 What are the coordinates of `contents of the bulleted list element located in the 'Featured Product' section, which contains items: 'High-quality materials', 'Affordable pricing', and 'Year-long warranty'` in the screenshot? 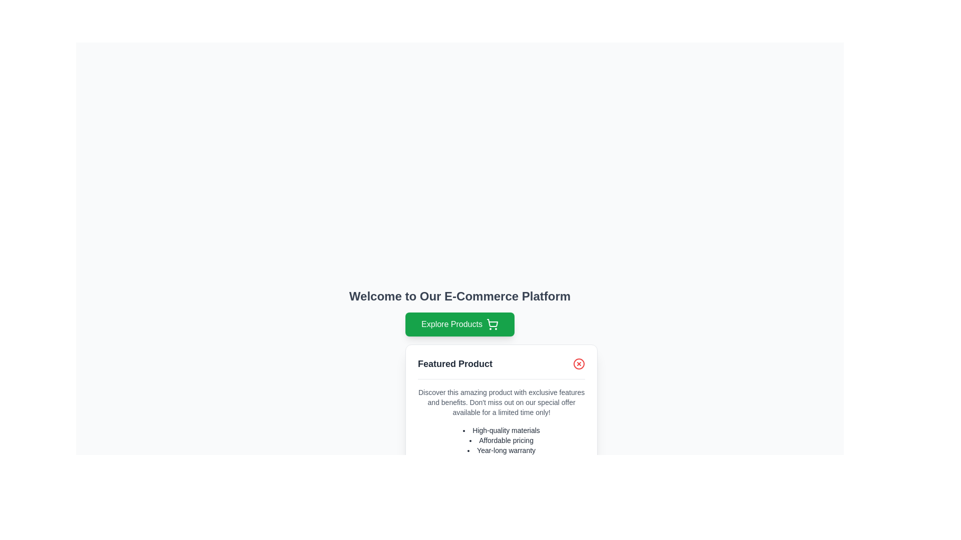 It's located at (502, 439).